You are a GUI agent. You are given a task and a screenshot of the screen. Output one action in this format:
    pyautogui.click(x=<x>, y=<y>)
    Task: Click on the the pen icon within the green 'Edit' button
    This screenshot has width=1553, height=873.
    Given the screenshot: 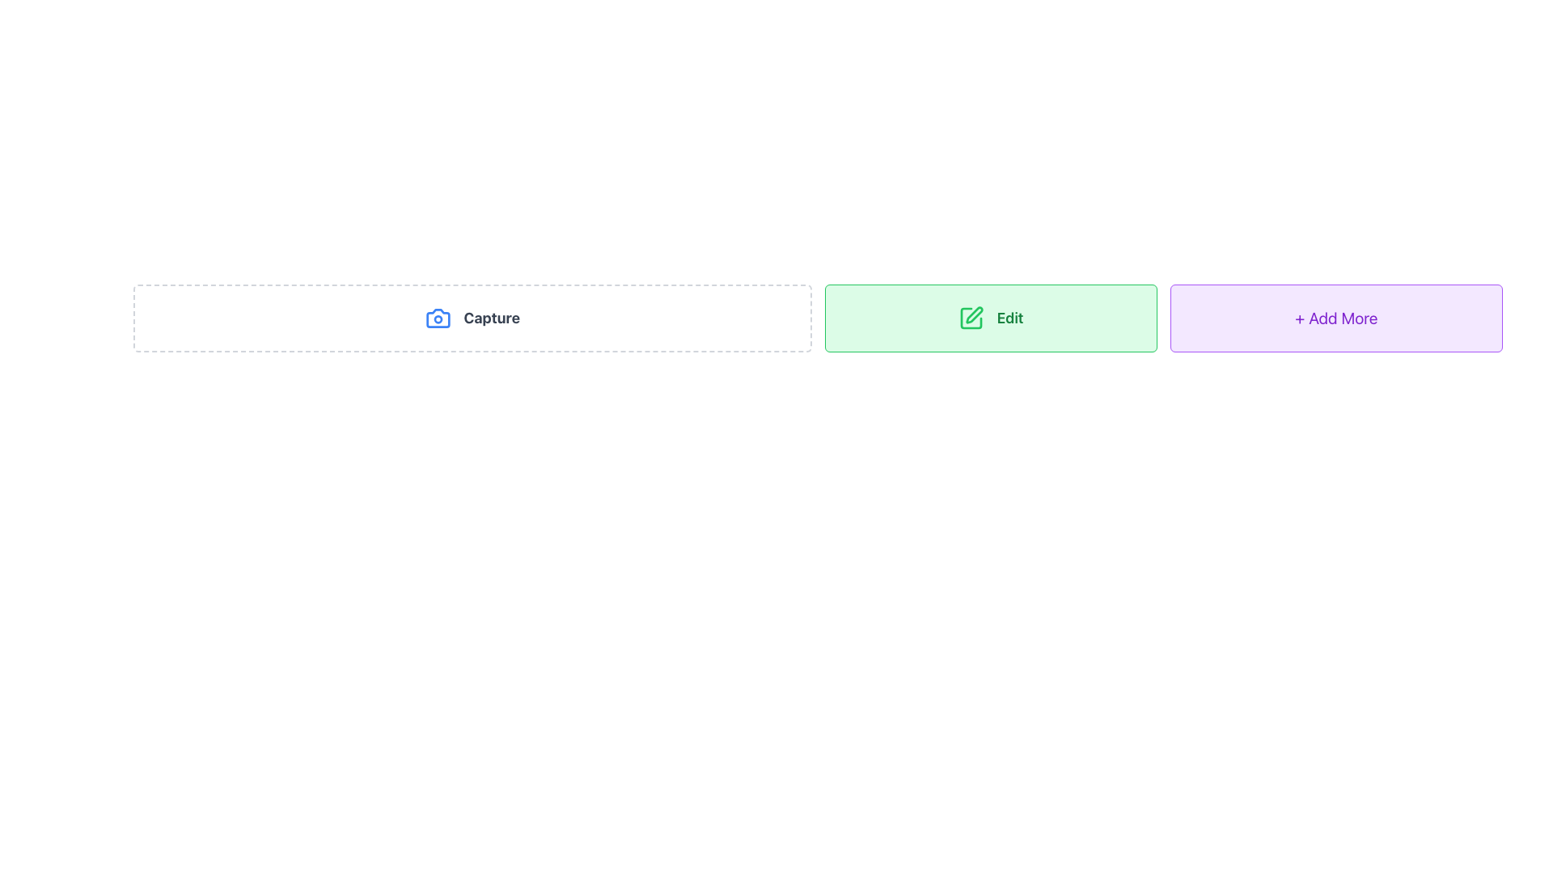 What is the action you would take?
    pyautogui.click(x=973, y=314)
    